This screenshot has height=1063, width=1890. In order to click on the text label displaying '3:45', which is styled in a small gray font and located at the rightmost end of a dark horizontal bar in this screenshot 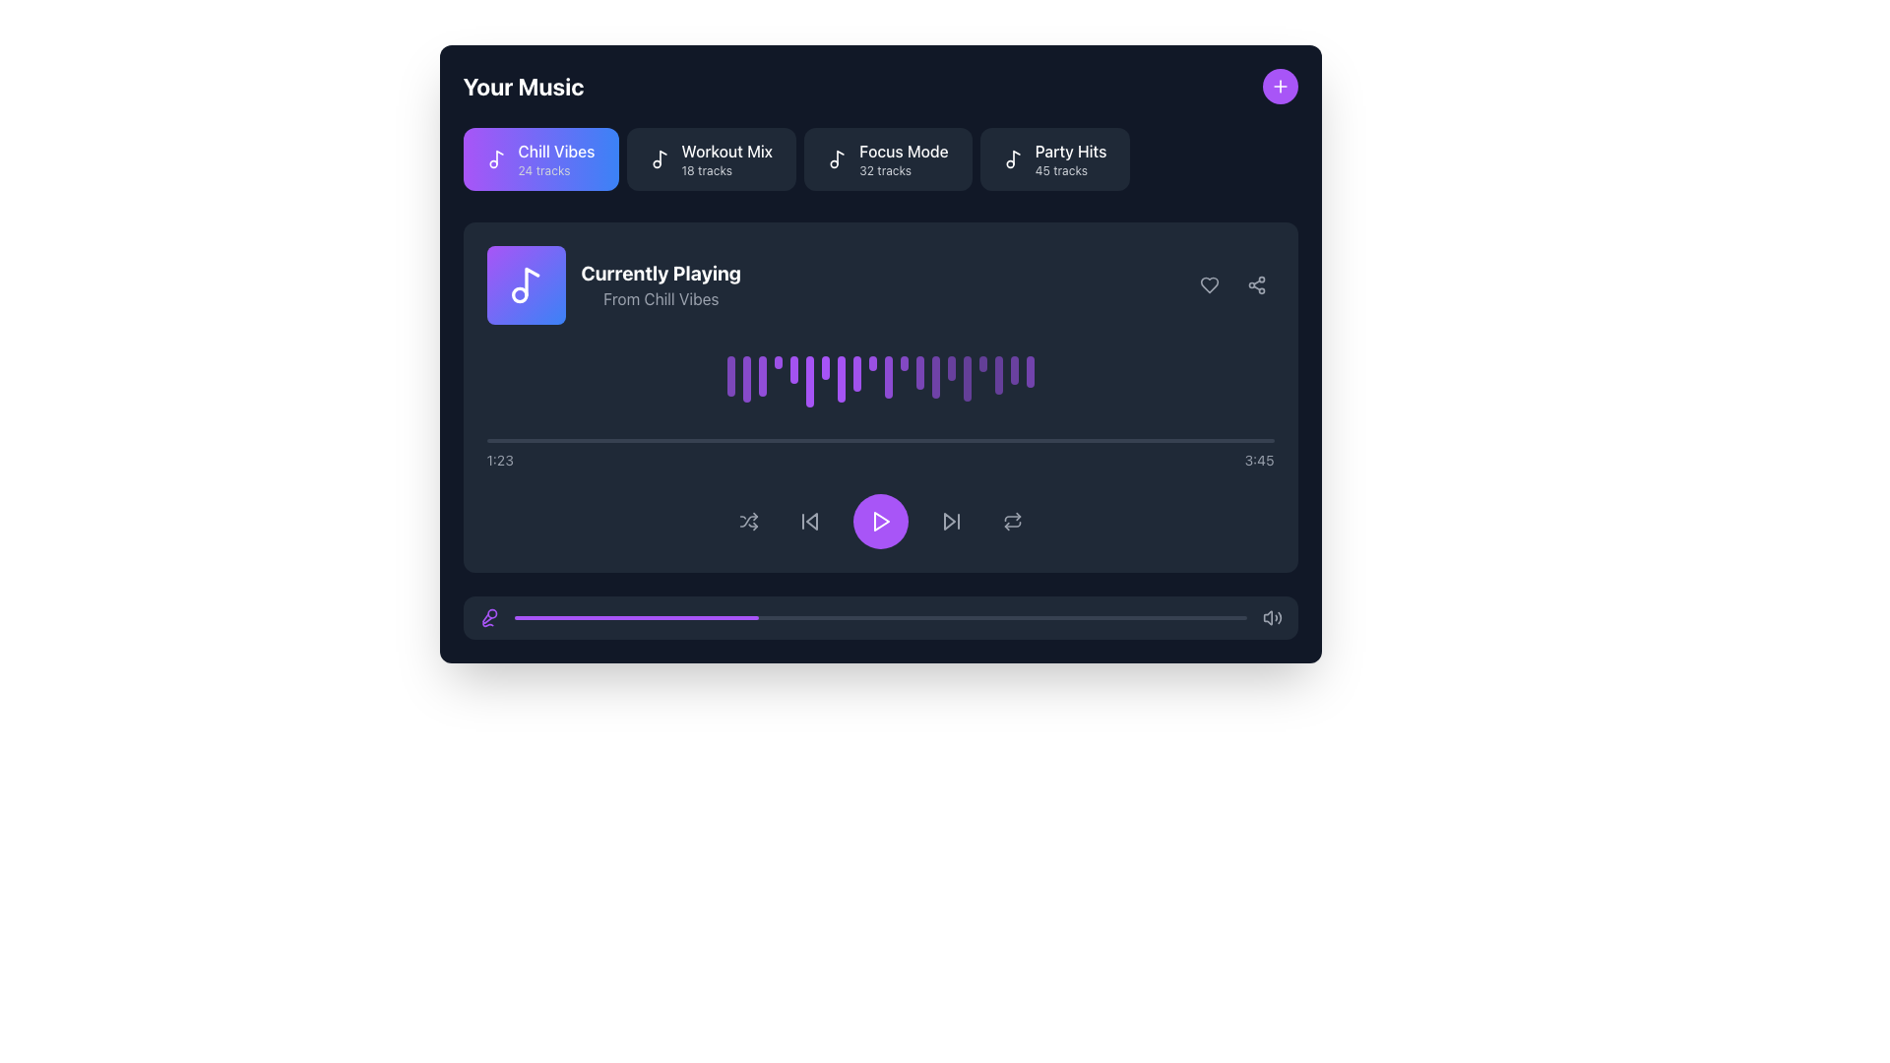, I will do `click(1258, 461)`.